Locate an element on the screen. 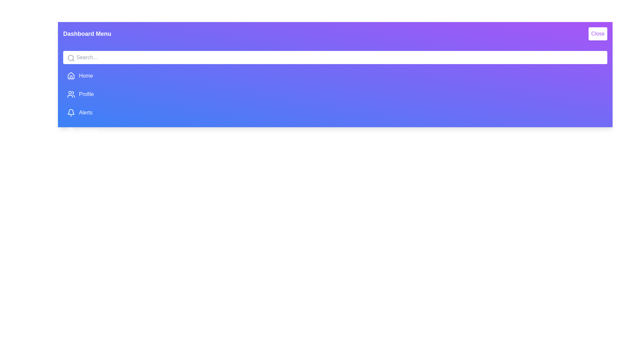 The image size is (632, 355). the home icon in the leftmost section of the menu, which is visually represented as an SVG and indicates the 'Home' menu item is located at coordinates (71, 76).